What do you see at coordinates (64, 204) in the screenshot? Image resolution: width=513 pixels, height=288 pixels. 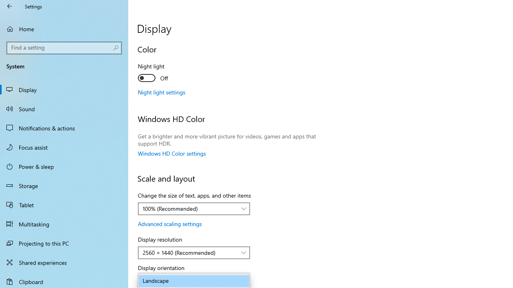 I see `'Tablet'` at bounding box center [64, 204].